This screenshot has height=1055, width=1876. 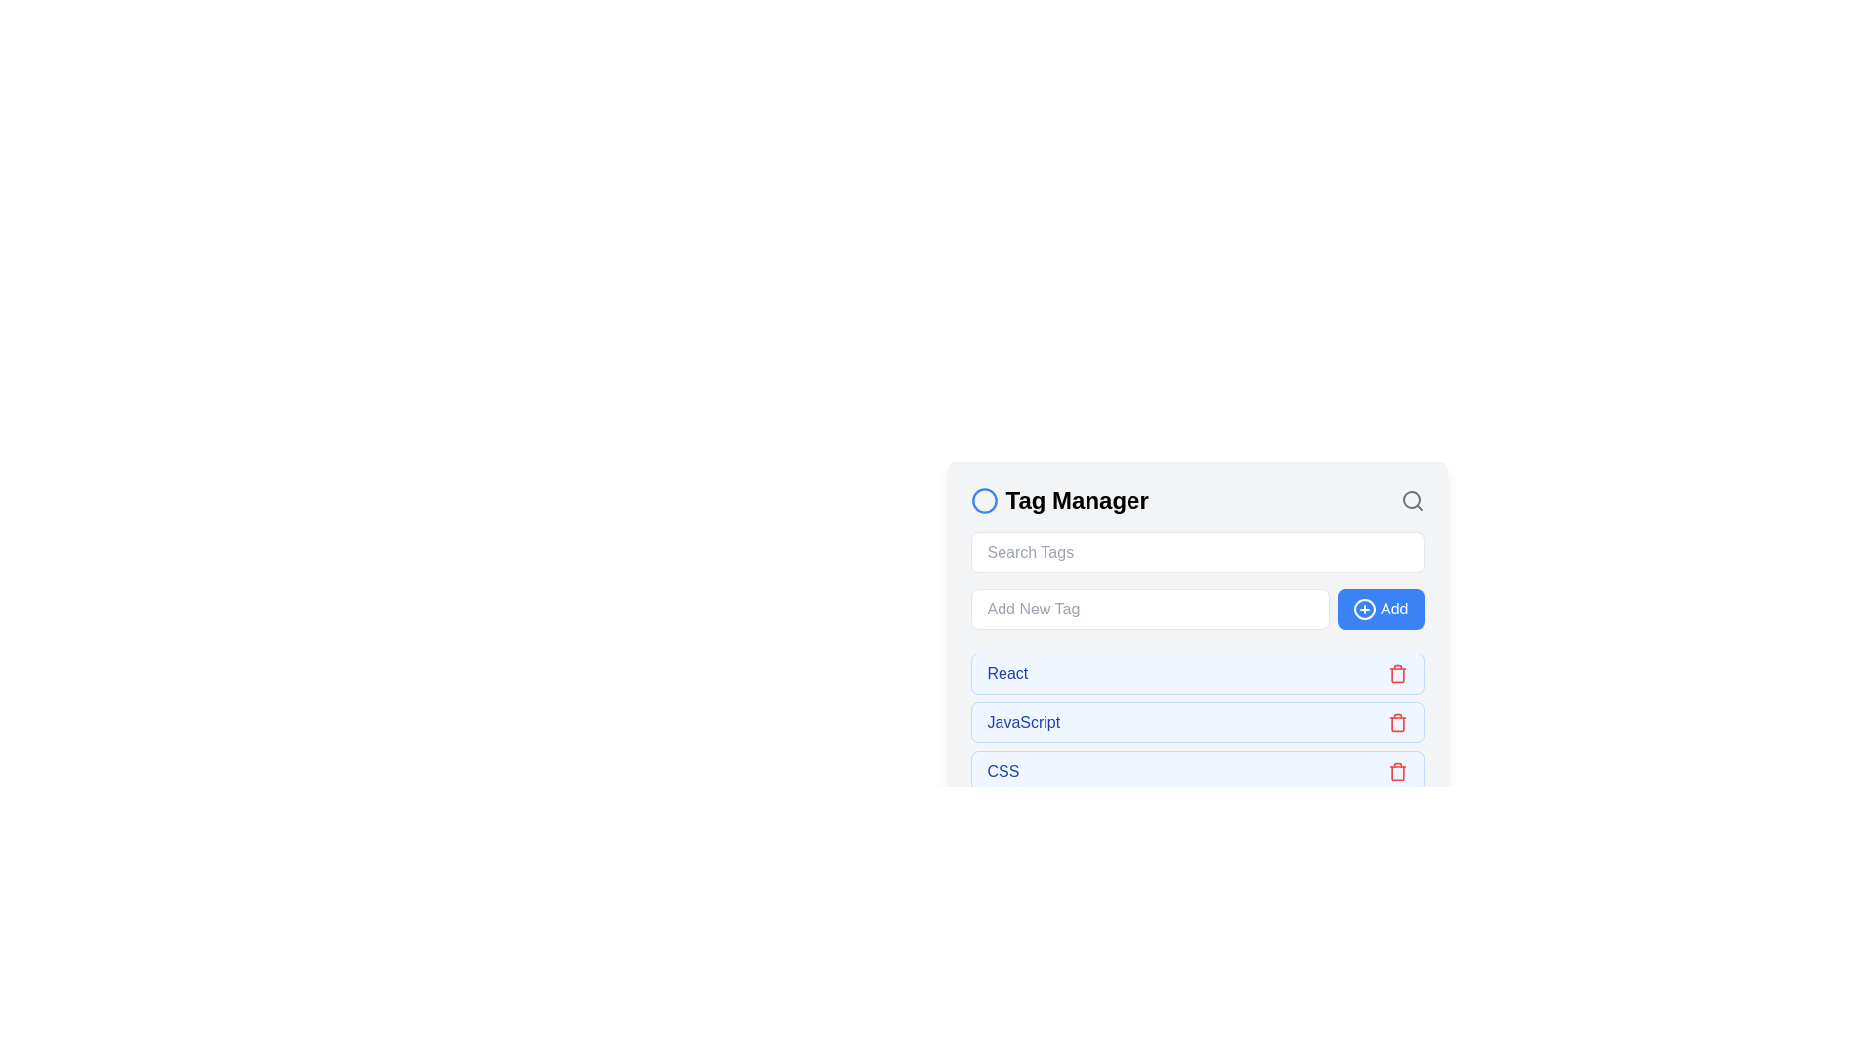 I want to click on the 'CSS' tag in the Tag Manager interface, which is the third tag in the vertical list of tags with a light blue background and a delete icon, so click(x=1196, y=771).